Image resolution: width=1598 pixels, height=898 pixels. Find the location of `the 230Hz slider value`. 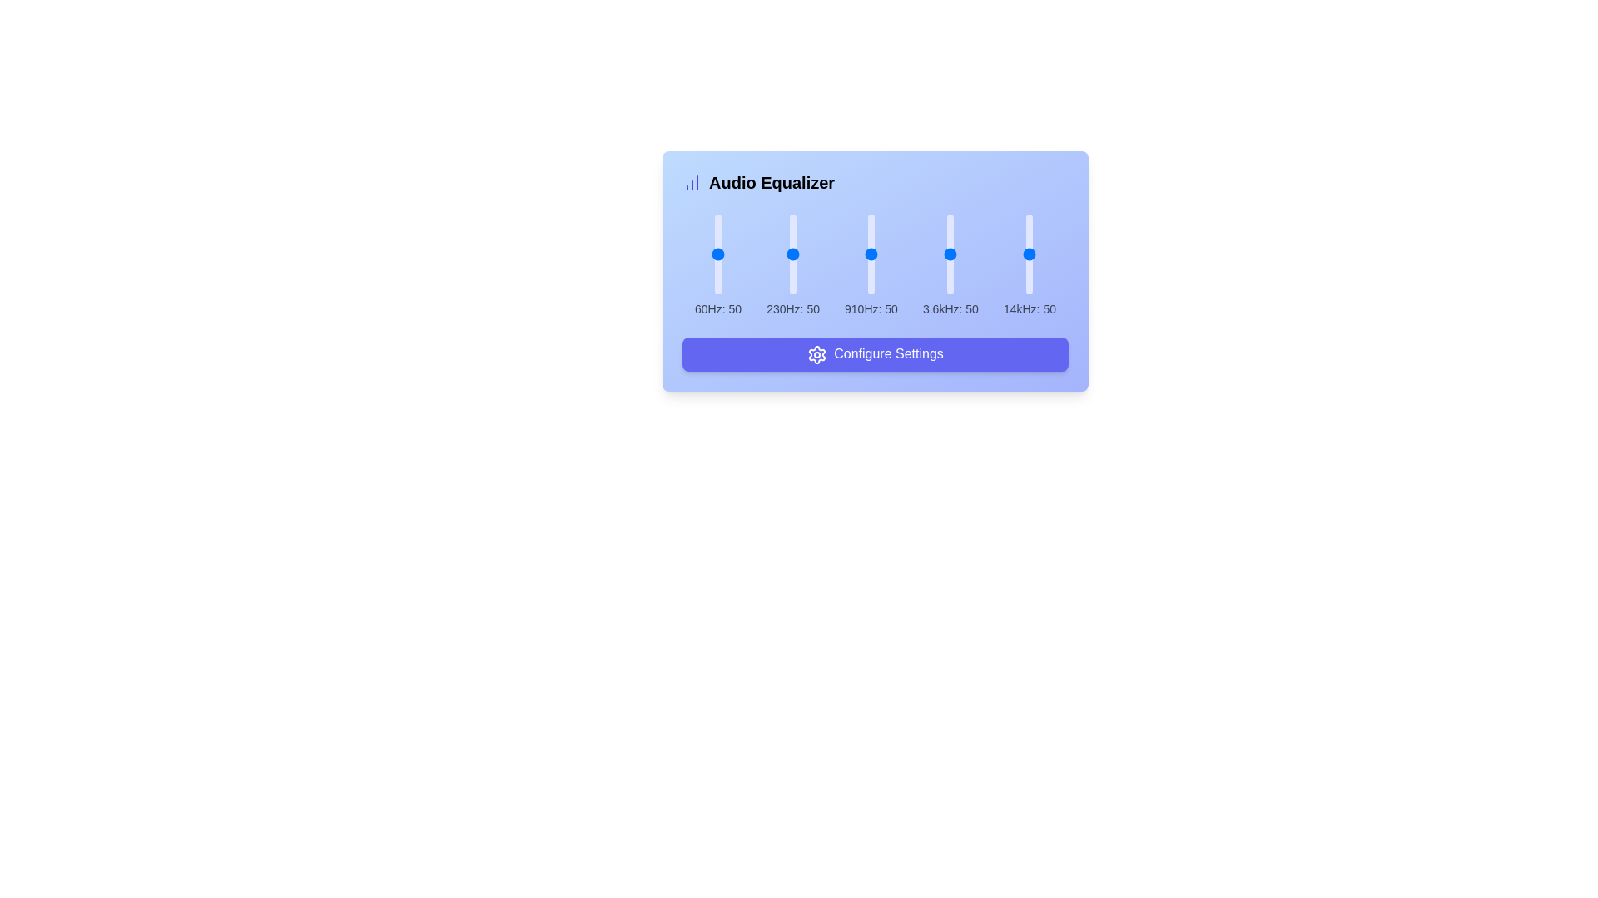

the 230Hz slider value is located at coordinates (792, 238).